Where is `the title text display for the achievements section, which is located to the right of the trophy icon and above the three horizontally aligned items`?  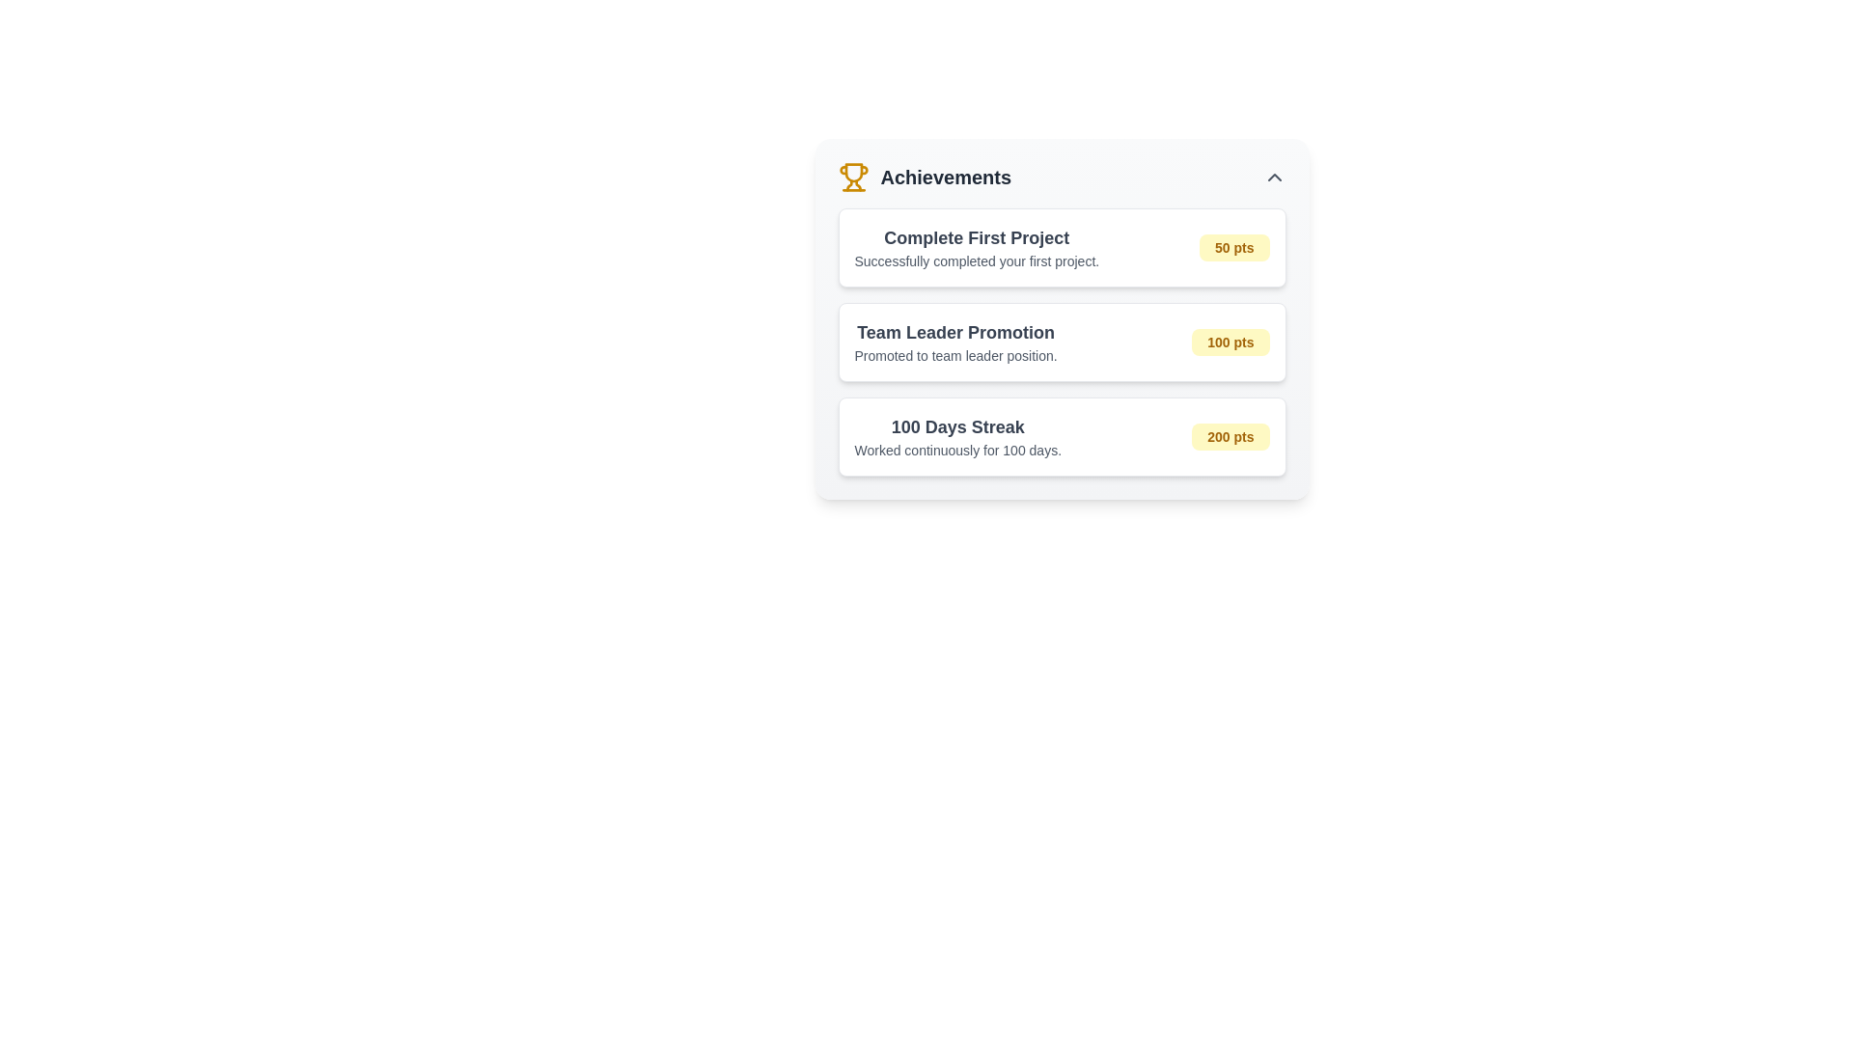
the title text display for the achievements section, which is located to the right of the trophy icon and above the three horizontally aligned items is located at coordinates (946, 178).